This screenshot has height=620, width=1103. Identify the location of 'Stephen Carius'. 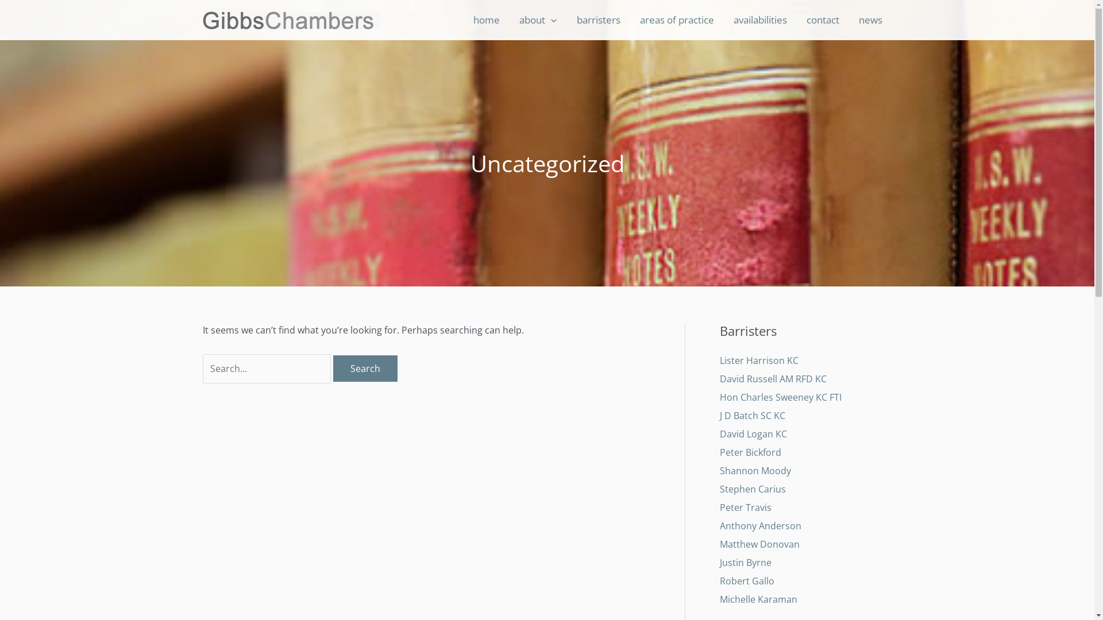
(719, 489).